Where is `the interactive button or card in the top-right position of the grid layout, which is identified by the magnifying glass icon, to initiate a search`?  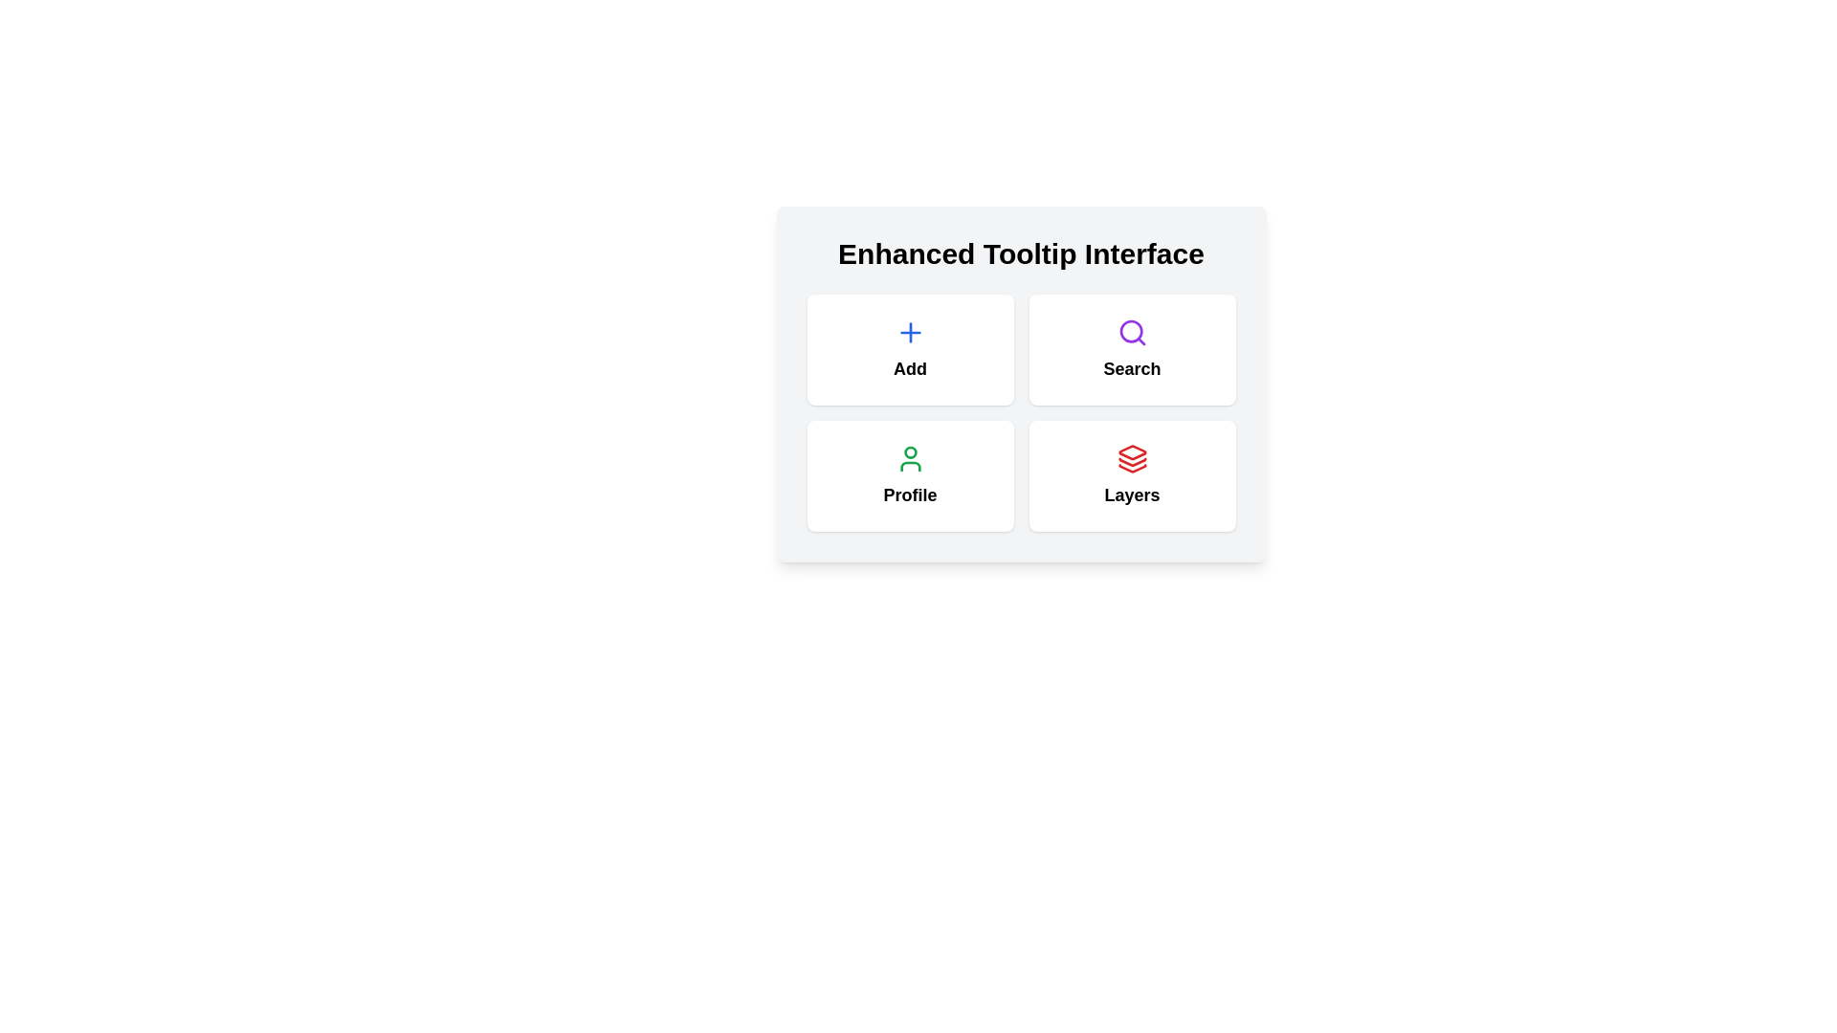
the interactive button or card in the top-right position of the grid layout, which is identified by the magnifying glass icon, to initiate a search is located at coordinates (1132, 350).